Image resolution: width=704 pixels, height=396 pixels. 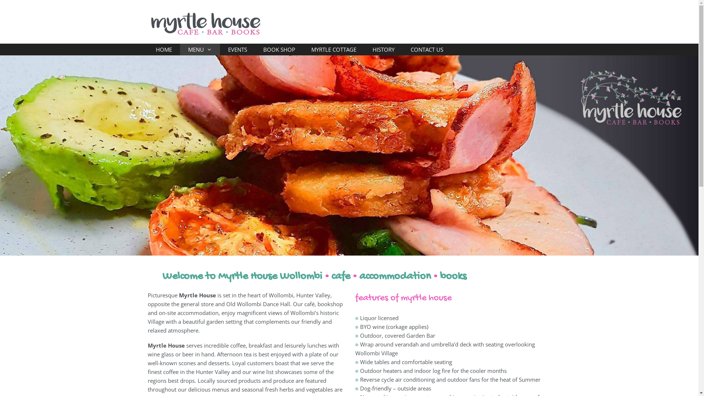 I want to click on 'HOME', so click(x=147, y=49).